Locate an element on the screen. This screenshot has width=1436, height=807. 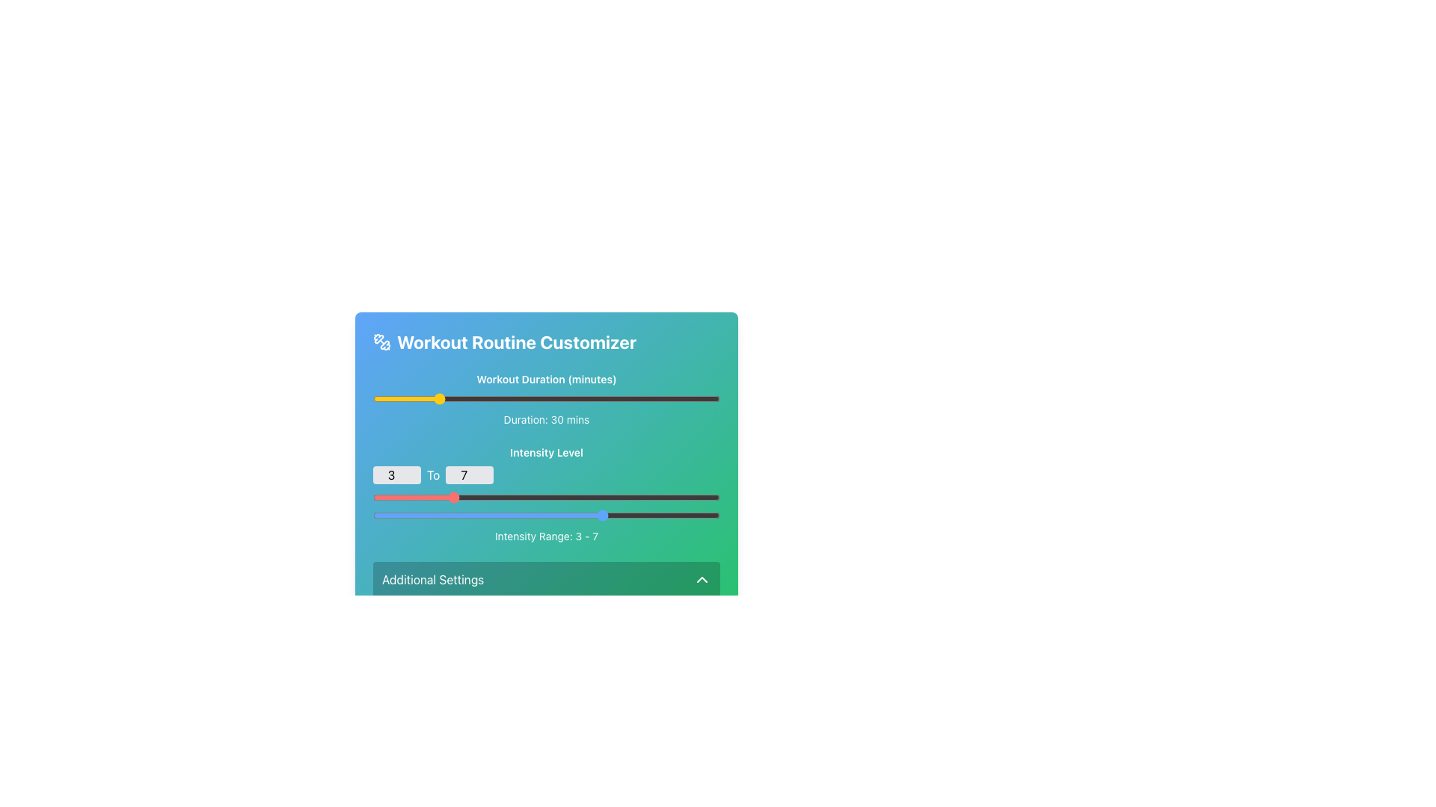
the intensity value is located at coordinates (411, 515).